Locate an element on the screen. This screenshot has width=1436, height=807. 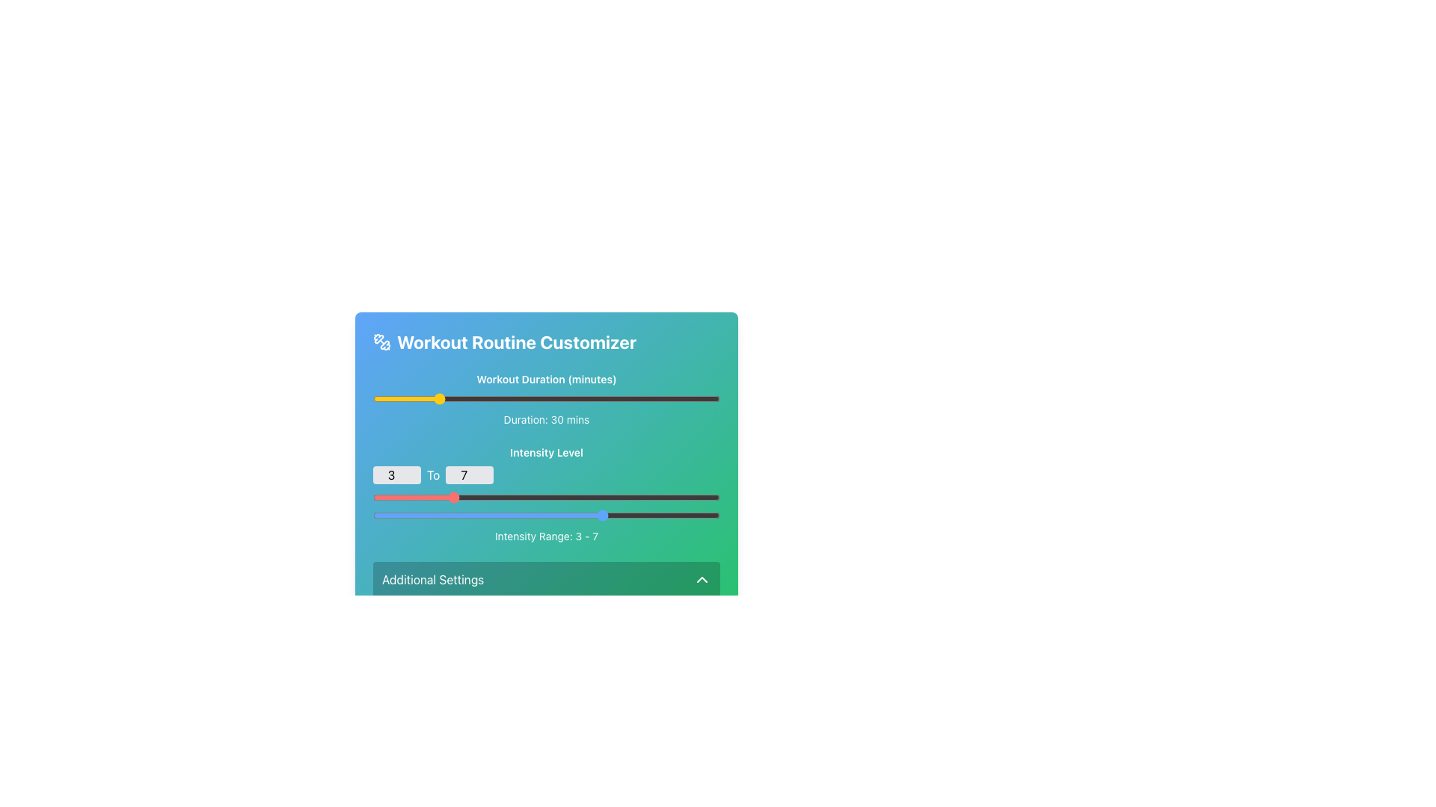
the intensity value is located at coordinates (411, 515).